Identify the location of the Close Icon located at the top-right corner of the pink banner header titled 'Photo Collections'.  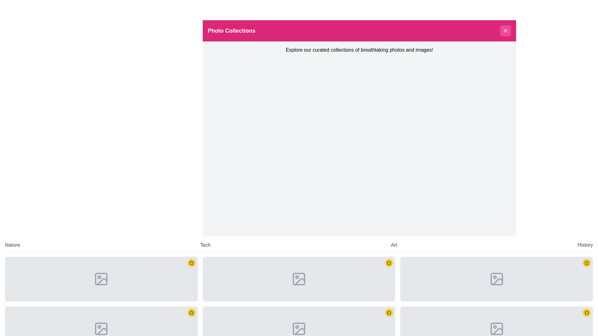
(505, 31).